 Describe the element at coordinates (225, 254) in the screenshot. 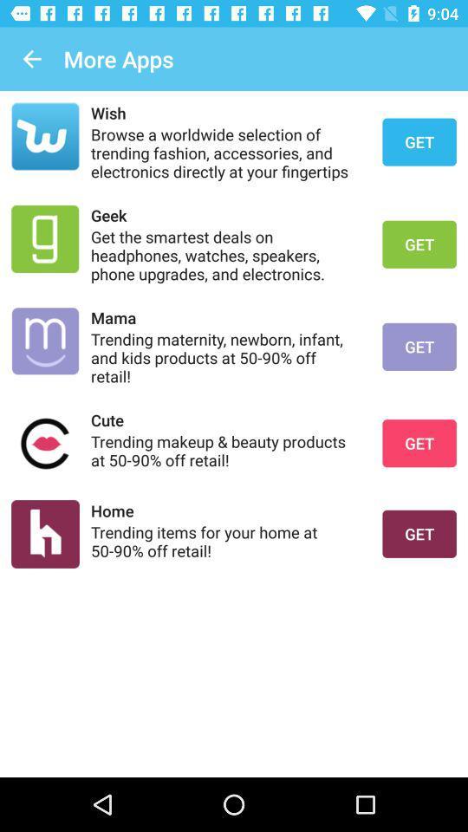

I see `get the smartest item` at that location.